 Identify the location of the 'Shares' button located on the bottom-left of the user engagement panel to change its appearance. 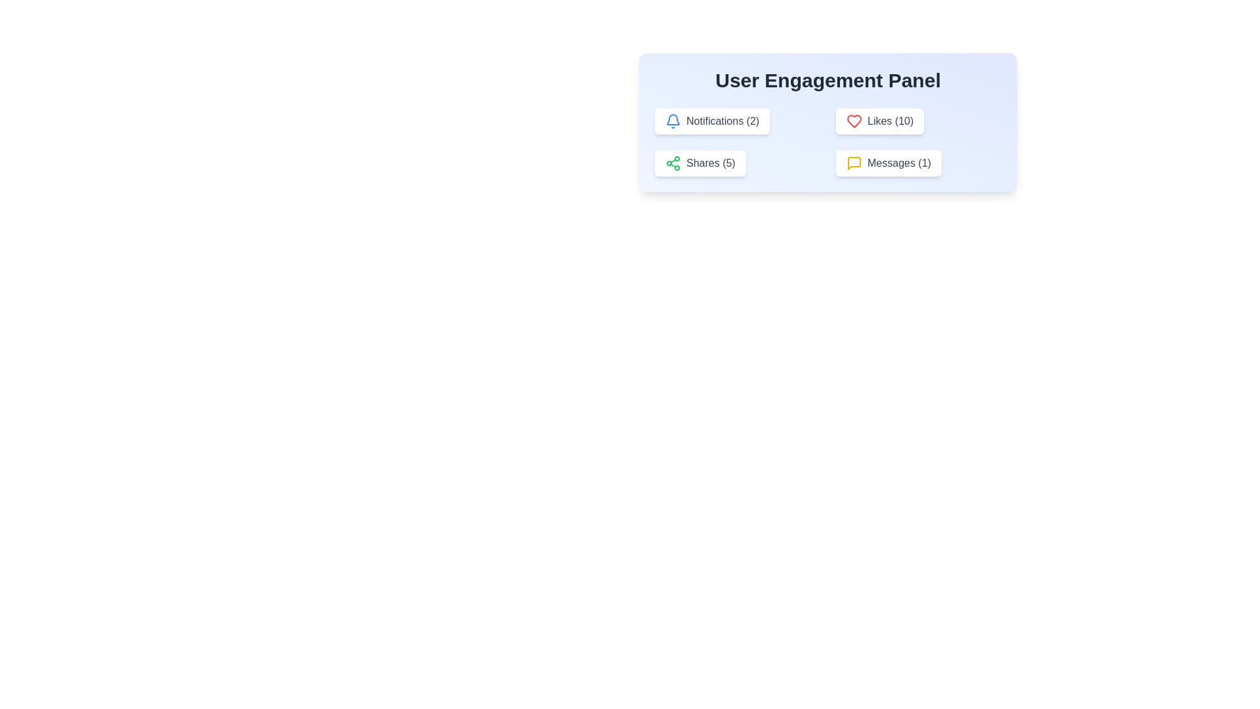
(700, 163).